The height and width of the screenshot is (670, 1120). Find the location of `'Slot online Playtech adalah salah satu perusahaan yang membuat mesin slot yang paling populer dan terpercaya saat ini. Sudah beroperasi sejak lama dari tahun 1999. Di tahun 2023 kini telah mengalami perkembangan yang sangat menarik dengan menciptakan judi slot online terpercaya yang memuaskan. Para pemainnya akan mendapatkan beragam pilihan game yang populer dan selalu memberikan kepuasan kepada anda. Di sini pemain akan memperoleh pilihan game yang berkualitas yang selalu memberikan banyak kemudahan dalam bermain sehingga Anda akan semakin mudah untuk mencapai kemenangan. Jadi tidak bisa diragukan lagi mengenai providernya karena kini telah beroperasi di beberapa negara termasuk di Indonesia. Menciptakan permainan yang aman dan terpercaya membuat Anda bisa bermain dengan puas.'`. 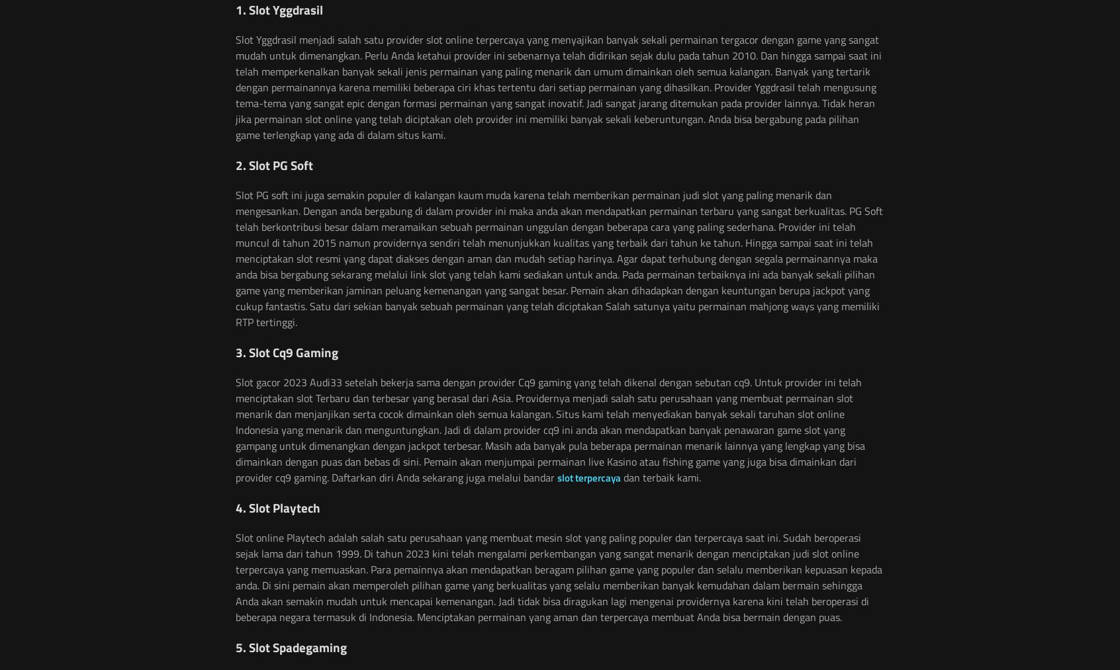

'Slot online Playtech adalah salah satu perusahaan yang membuat mesin slot yang paling populer dan terpercaya saat ini. Sudah beroperasi sejak lama dari tahun 1999. Di tahun 2023 kini telah mengalami perkembangan yang sangat menarik dengan menciptakan judi slot online terpercaya yang memuaskan. Para pemainnya akan mendapatkan beragam pilihan game yang populer dan selalu memberikan kepuasan kepada anda. Di sini pemain akan memperoleh pilihan game yang berkualitas yang selalu memberikan banyak kemudahan dalam bermain sehingga Anda akan semakin mudah untuk mencapai kemenangan. Jadi tidak bisa diragukan lagi mengenai providernya karena kini telah beroperasi di beberapa negara termasuk di Indonesia. Menciptakan permainan yang aman dan terpercaya membuat Anda bisa bermain dengan puas.' is located at coordinates (559, 575).